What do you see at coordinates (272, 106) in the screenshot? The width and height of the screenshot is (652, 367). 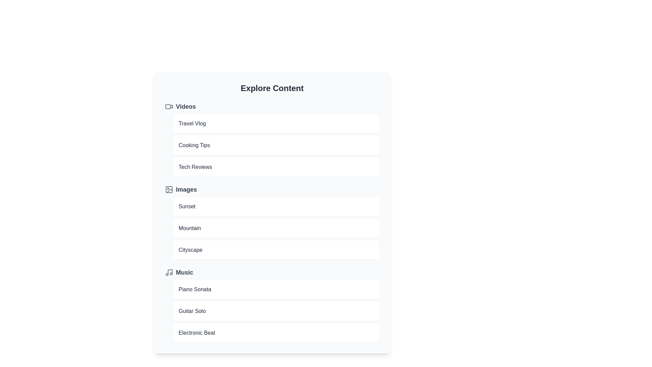 I see `the category Videos to toggle its visibility` at bounding box center [272, 106].